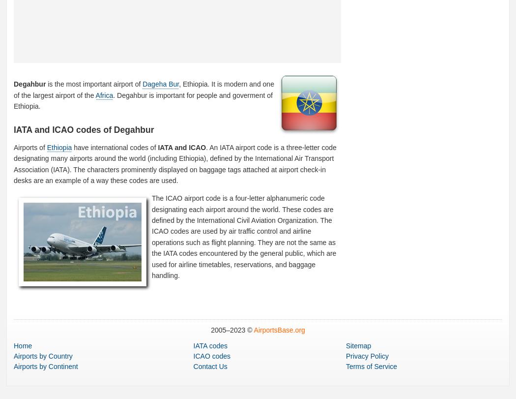  Describe the element at coordinates (95, 95) in the screenshot. I see `'Africa'` at that location.